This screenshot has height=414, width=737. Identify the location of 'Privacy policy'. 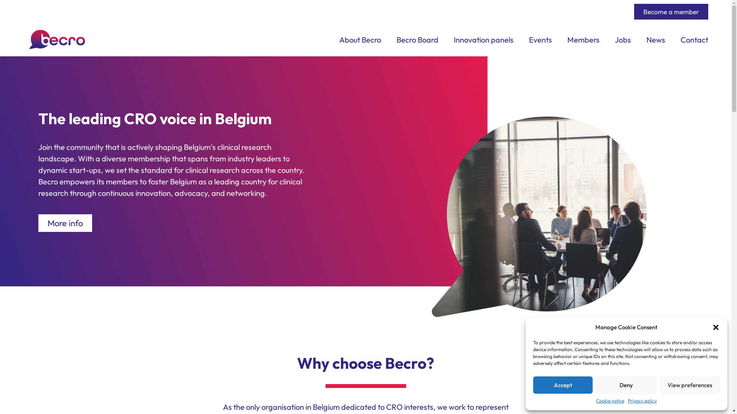
(628, 400).